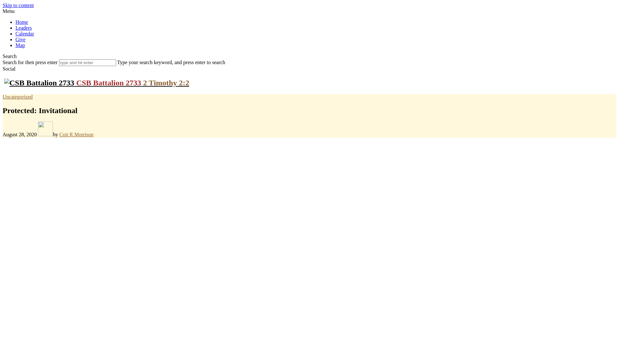 The image size is (619, 348). What do you see at coordinates (76, 134) in the screenshot?
I see `'Coit R Morrison'` at bounding box center [76, 134].